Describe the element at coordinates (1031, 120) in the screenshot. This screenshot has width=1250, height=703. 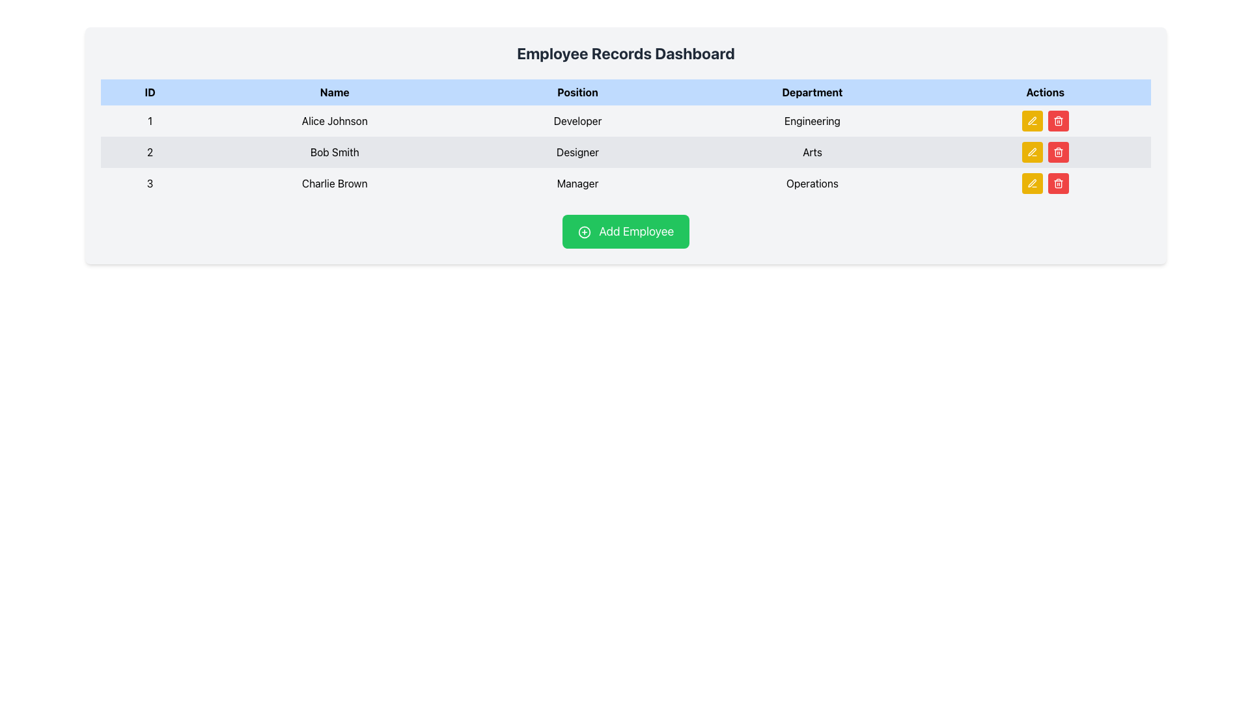
I see `the yellow button with a white pen icon located in the 'Actions' column of the first row` at that location.